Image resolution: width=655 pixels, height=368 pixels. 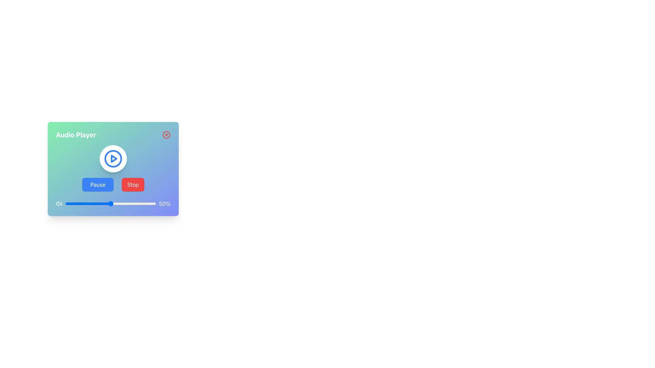 I want to click on the slider, so click(x=107, y=203).